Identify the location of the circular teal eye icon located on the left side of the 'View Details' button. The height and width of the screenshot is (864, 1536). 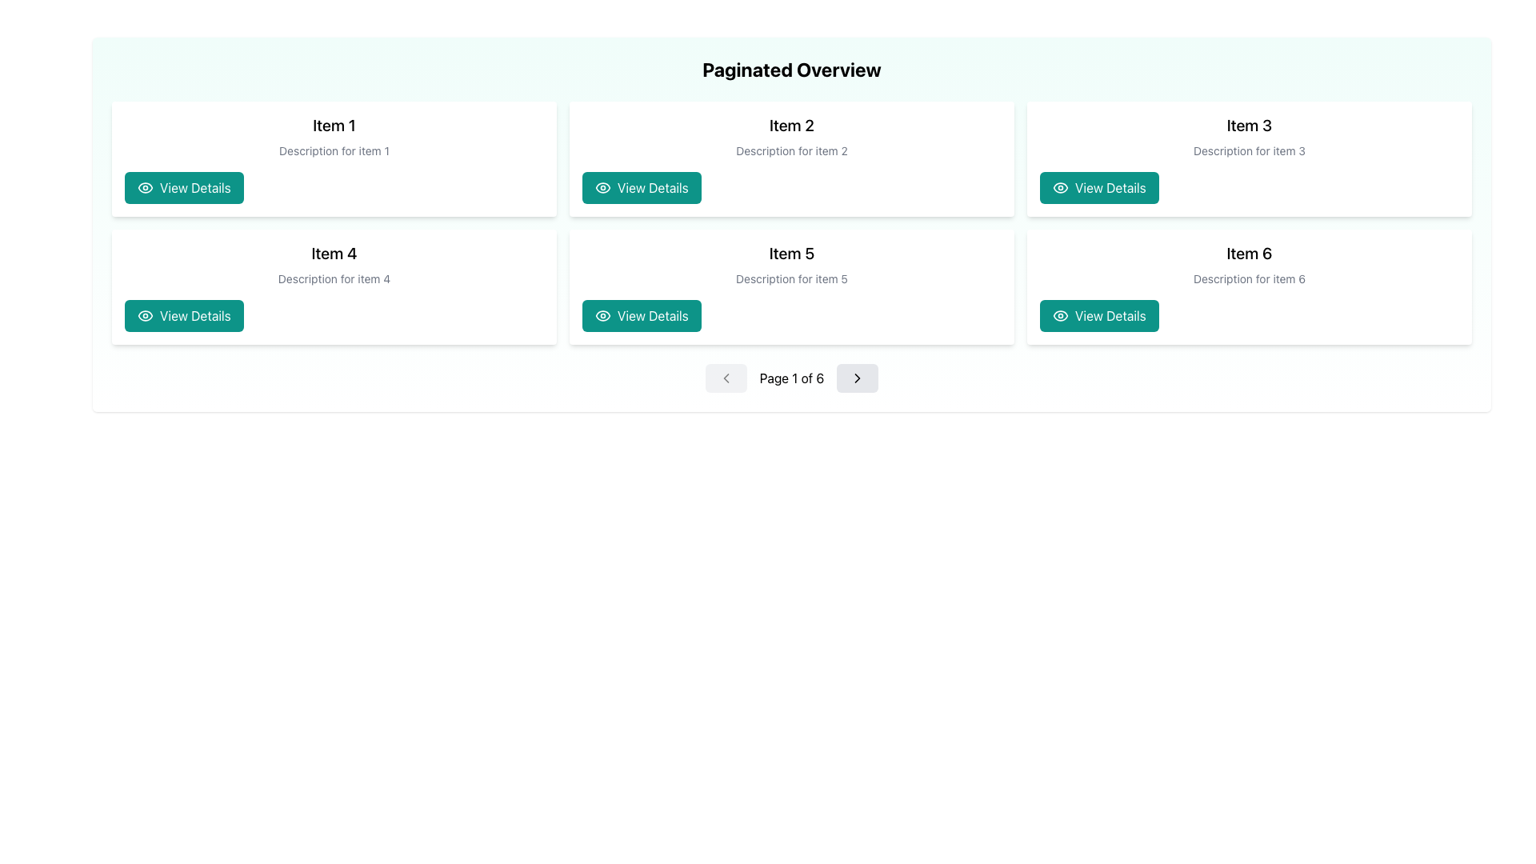
(146, 187).